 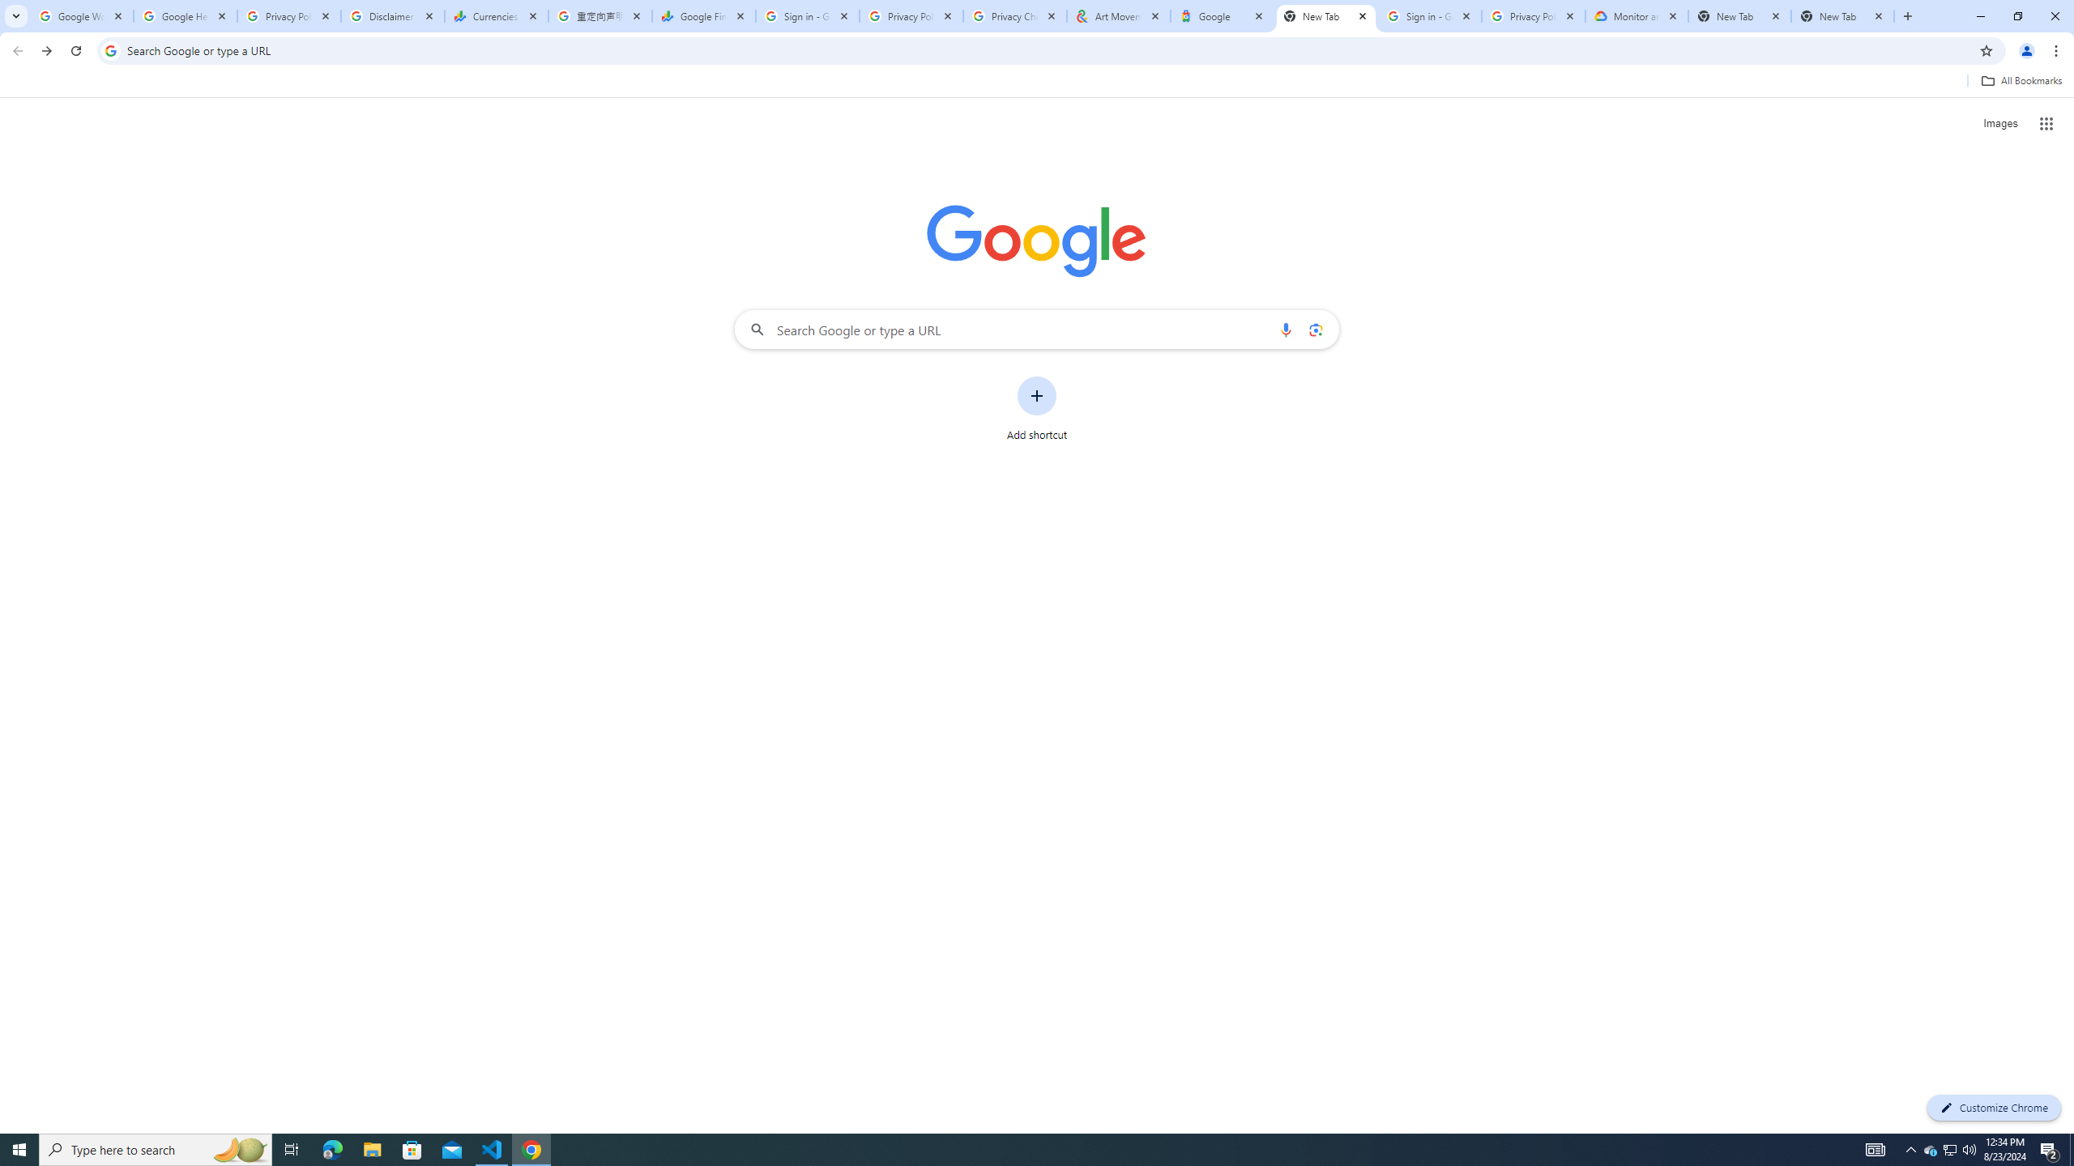 I want to click on 'New Tab', so click(x=1739, y=15).